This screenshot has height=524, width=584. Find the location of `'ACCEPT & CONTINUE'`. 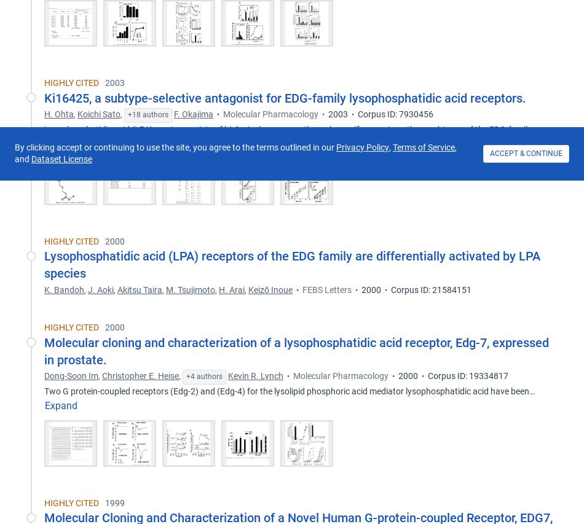

'ACCEPT & CONTINUE' is located at coordinates (526, 154).